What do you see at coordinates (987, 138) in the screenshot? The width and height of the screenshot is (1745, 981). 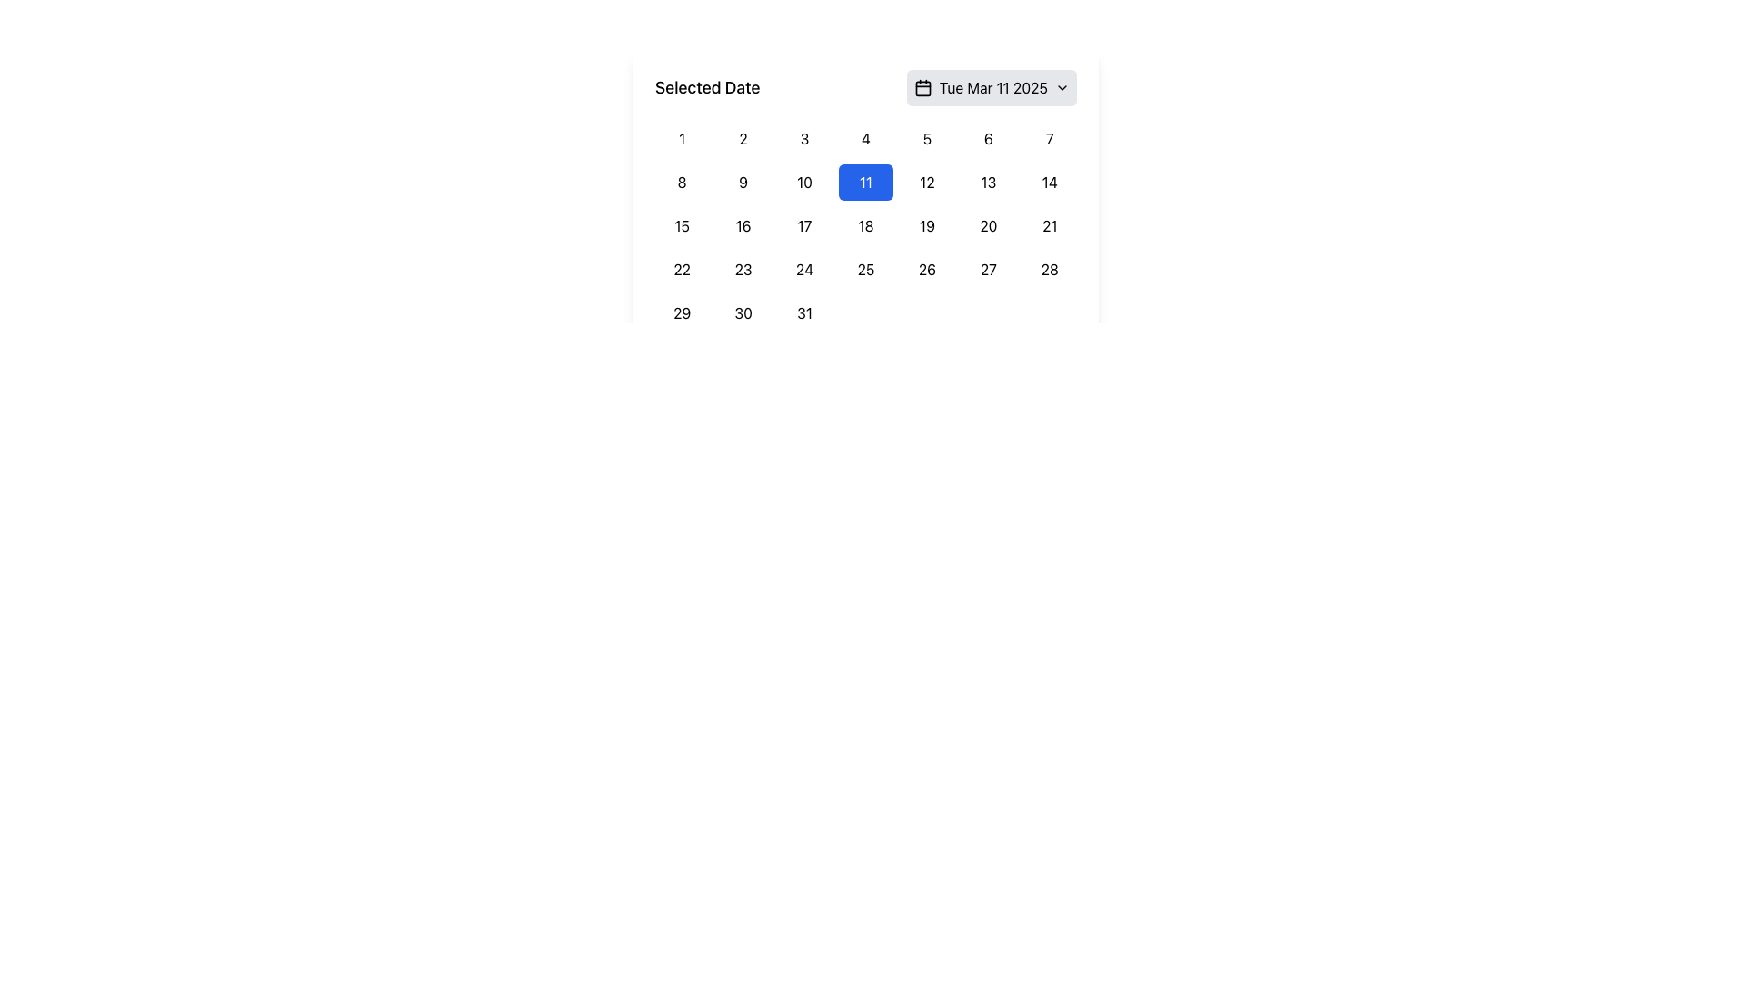 I see `the button labeled '6'` at bounding box center [987, 138].